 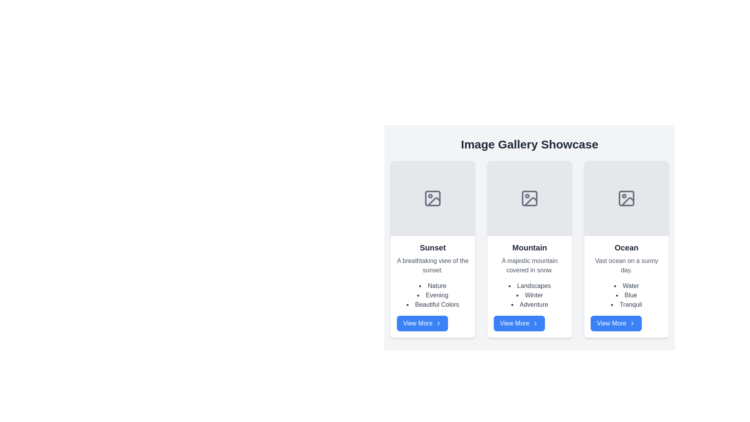 I want to click on the static text label that serves as a category marker within the 'Mountain' section of the bulleted list, positioned centrally in the 'Mountain' card under the 'Landscapes' heading, so click(x=530, y=295).